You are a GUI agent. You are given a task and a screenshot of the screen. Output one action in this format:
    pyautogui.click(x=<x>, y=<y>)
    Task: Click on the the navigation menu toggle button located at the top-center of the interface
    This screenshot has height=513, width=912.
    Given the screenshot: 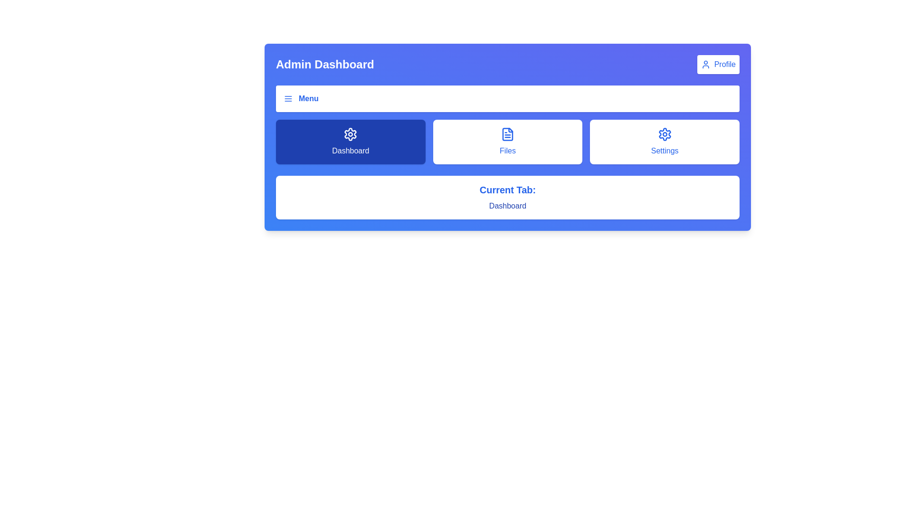 What is the action you would take?
    pyautogui.click(x=507, y=99)
    